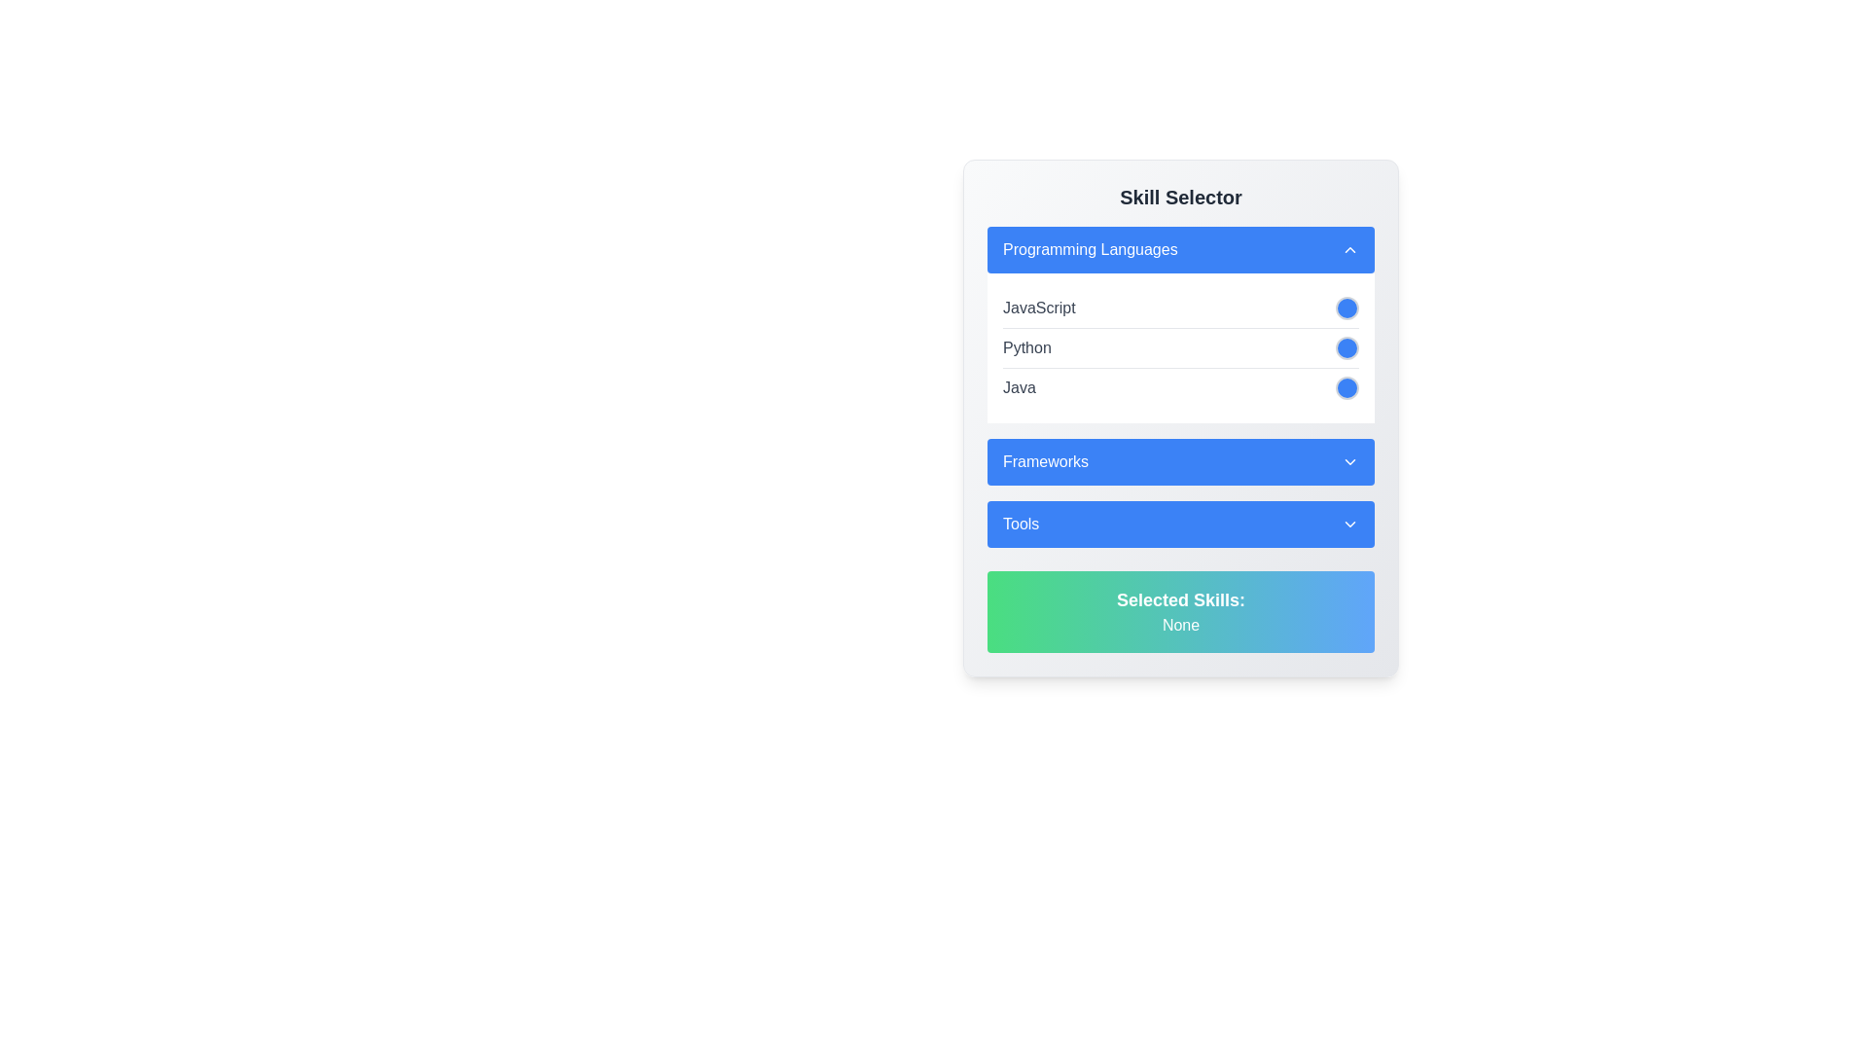  Describe the element at coordinates (1180, 386) in the screenshot. I see `the toggle button` at that location.